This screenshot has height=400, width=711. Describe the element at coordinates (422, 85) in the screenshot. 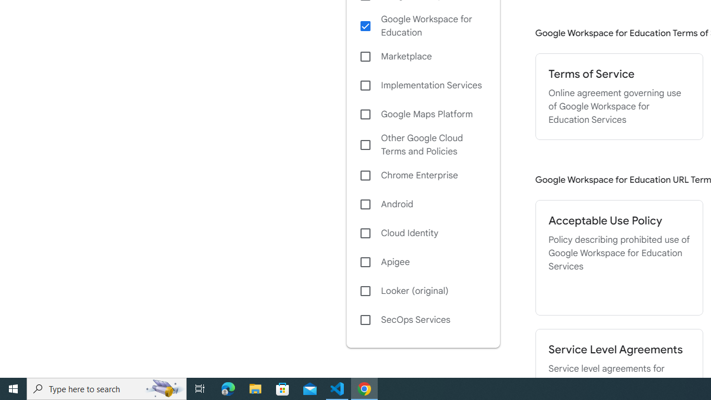

I see `'Implementation Services'` at that location.